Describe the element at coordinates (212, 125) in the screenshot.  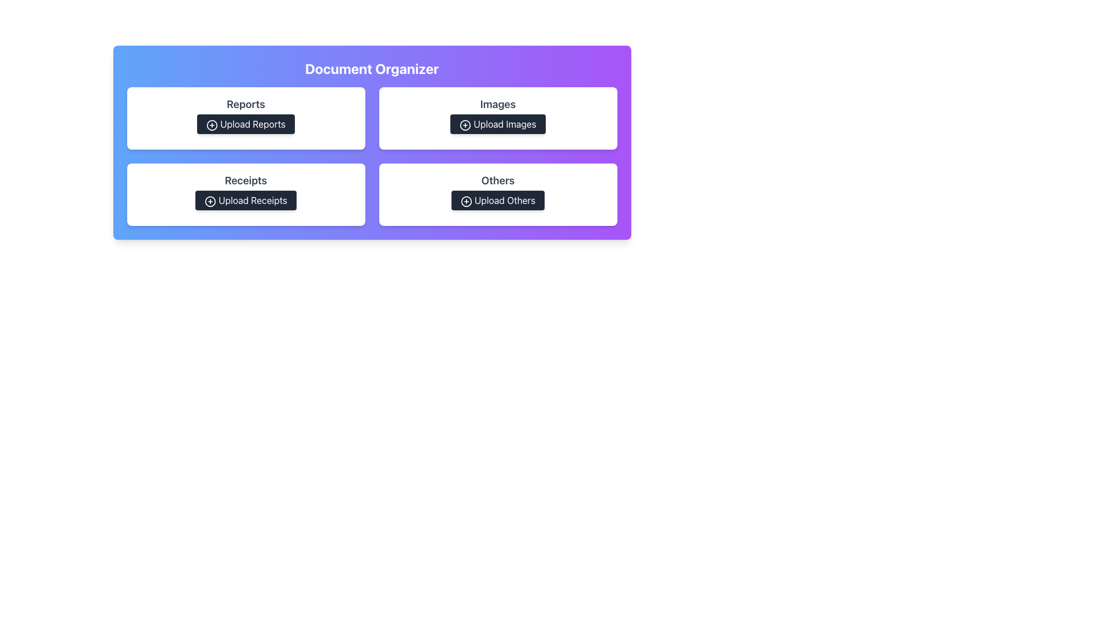
I see `the '+' icon within the 'Upload Reports' button, which is a circular icon with a minimalistic design and white color` at that location.